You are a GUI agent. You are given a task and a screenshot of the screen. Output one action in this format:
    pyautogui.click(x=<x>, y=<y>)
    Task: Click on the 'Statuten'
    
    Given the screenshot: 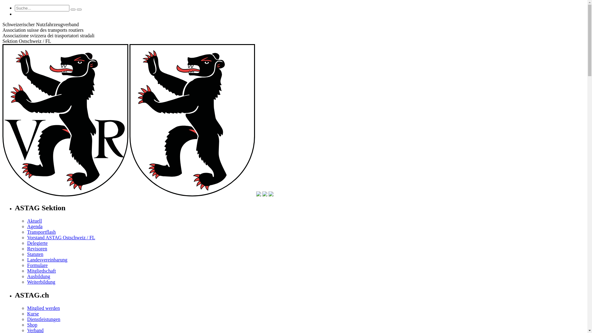 What is the action you would take?
    pyautogui.click(x=35, y=254)
    